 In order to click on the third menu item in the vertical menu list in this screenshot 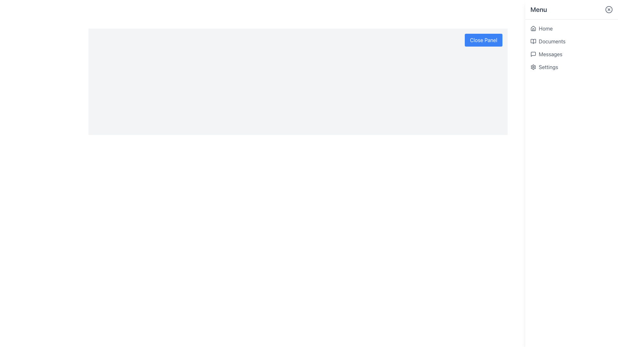, I will do `click(572, 48)`.